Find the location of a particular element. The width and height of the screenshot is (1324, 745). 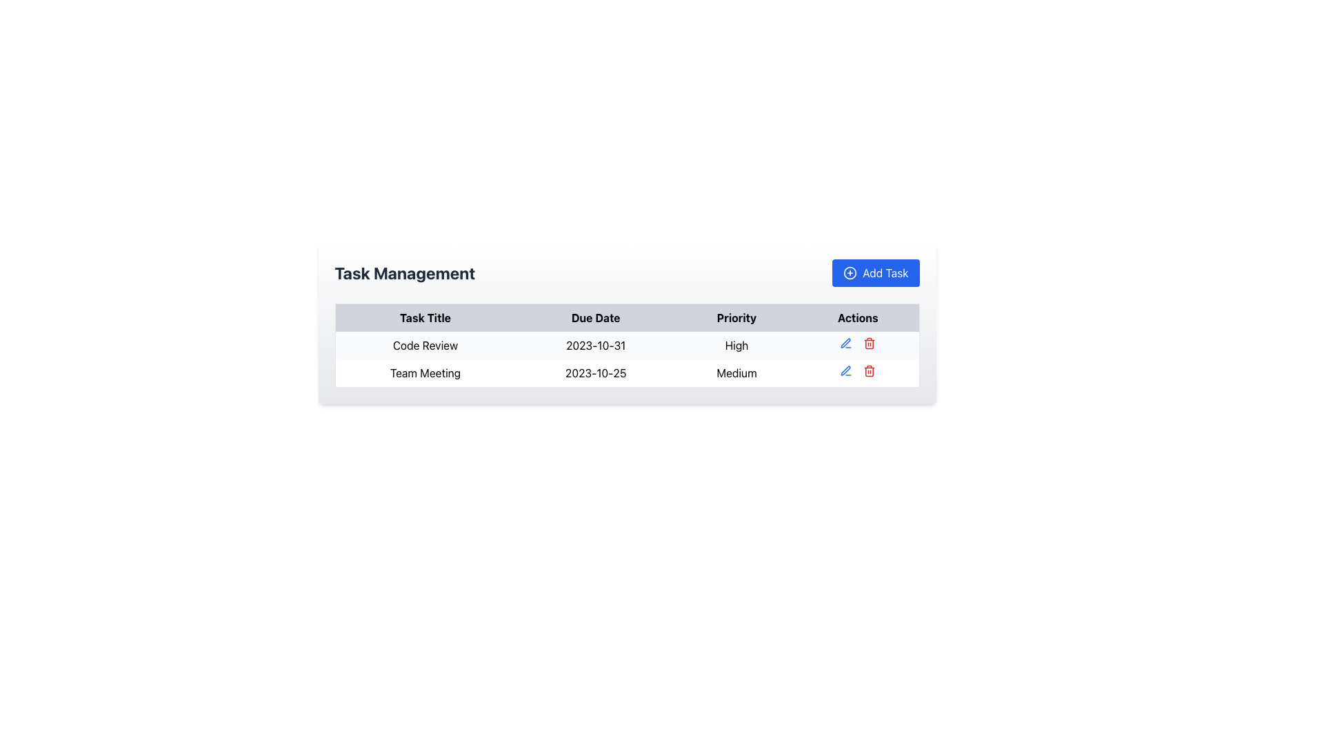

the first table row in the 'Task Management' section is located at coordinates (626, 345).